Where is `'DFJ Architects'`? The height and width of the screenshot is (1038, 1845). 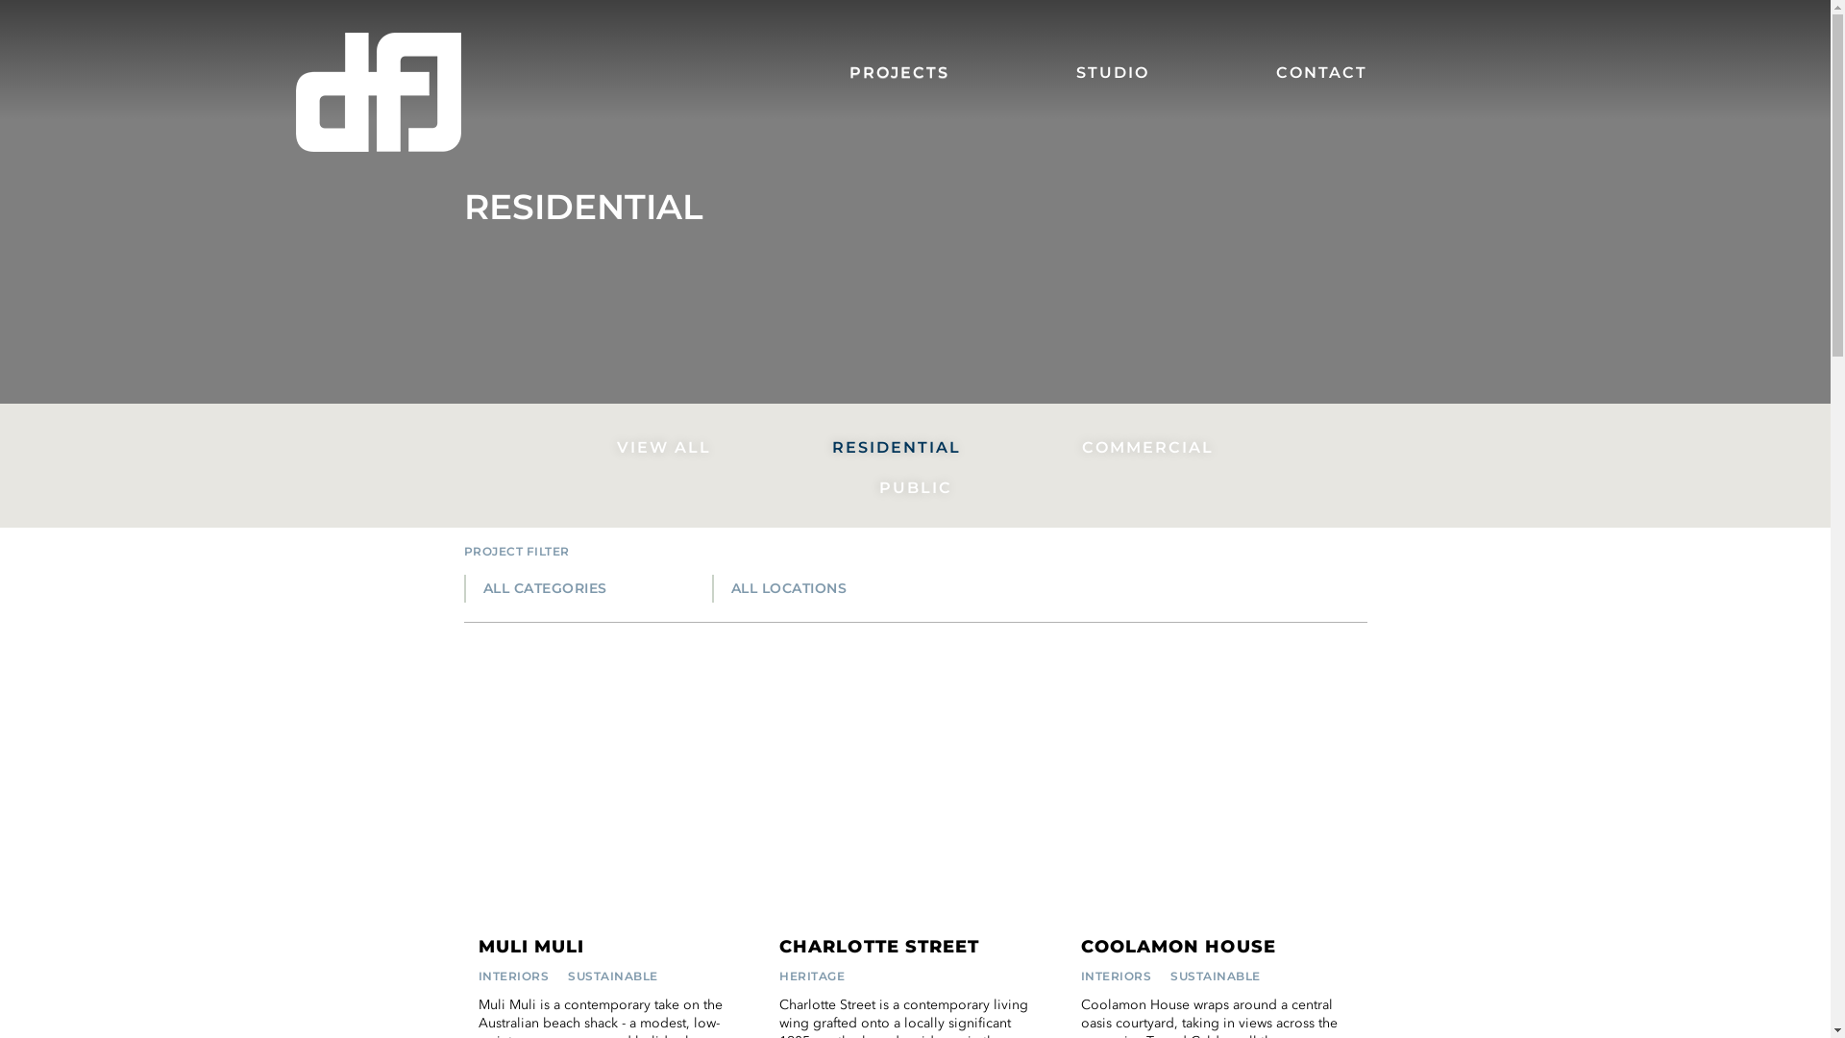
'DFJ Architects' is located at coordinates (378, 92).